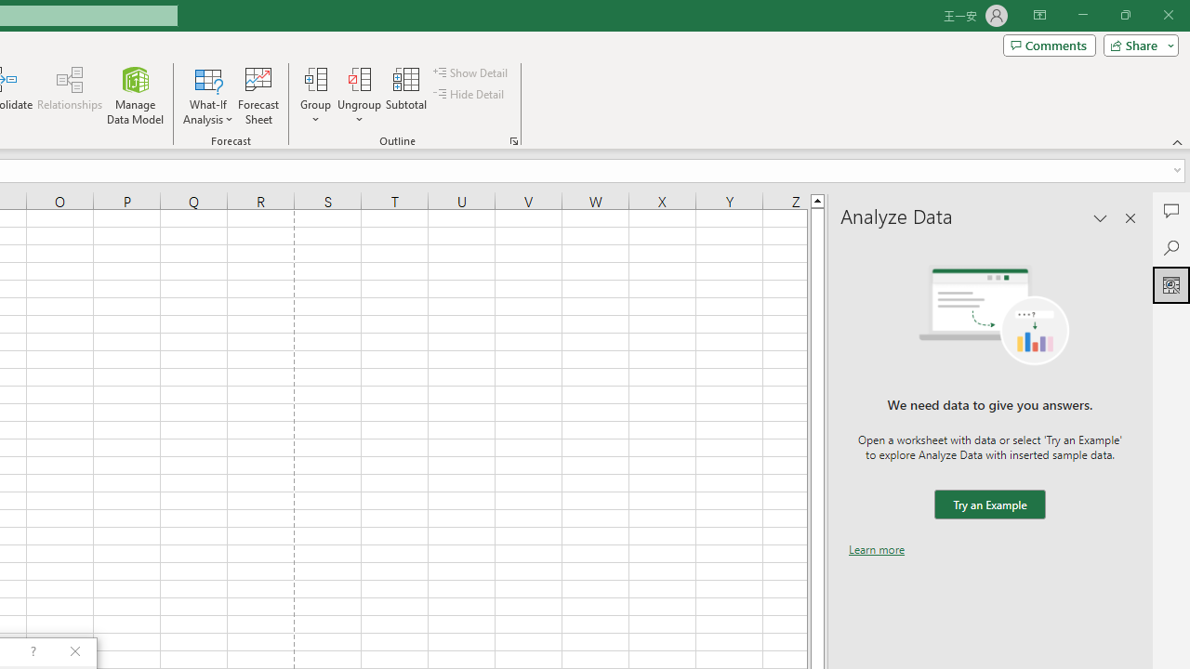 The height and width of the screenshot is (669, 1190). What do you see at coordinates (1038, 15) in the screenshot?
I see `'Ribbon Display Options'` at bounding box center [1038, 15].